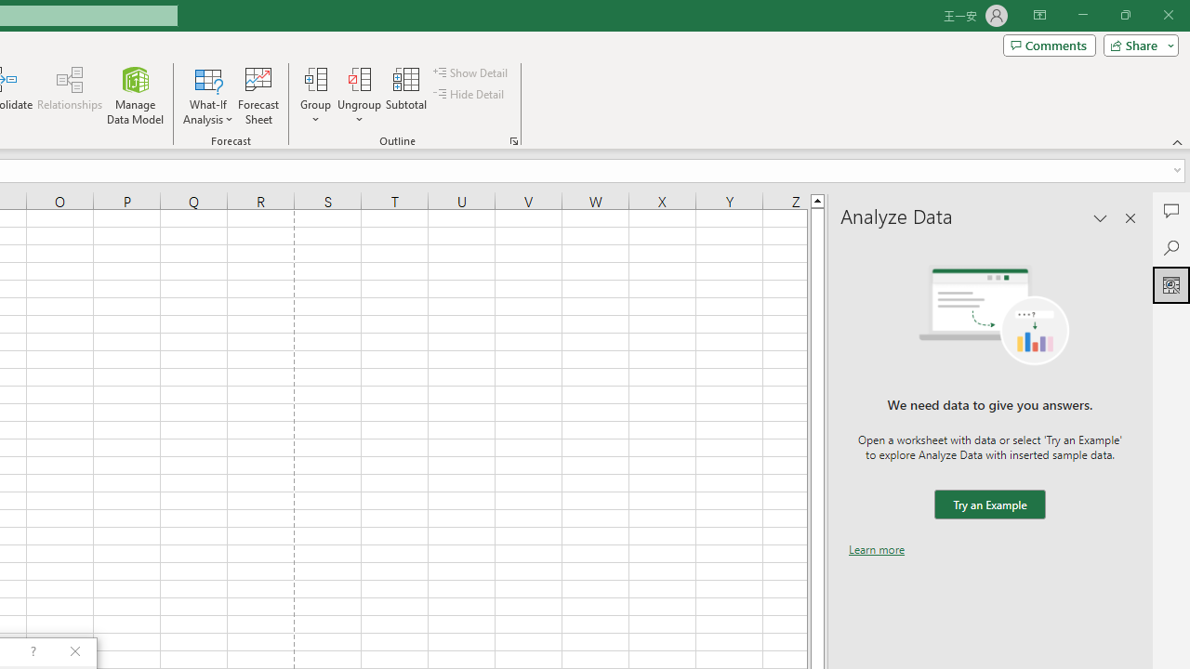 The height and width of the screenshot is (669, 1190). What do you see at coordinates (1038, 15) in the screenshot?
I see `'Ribbon Display Options'` at bounding box center [1038, 15].